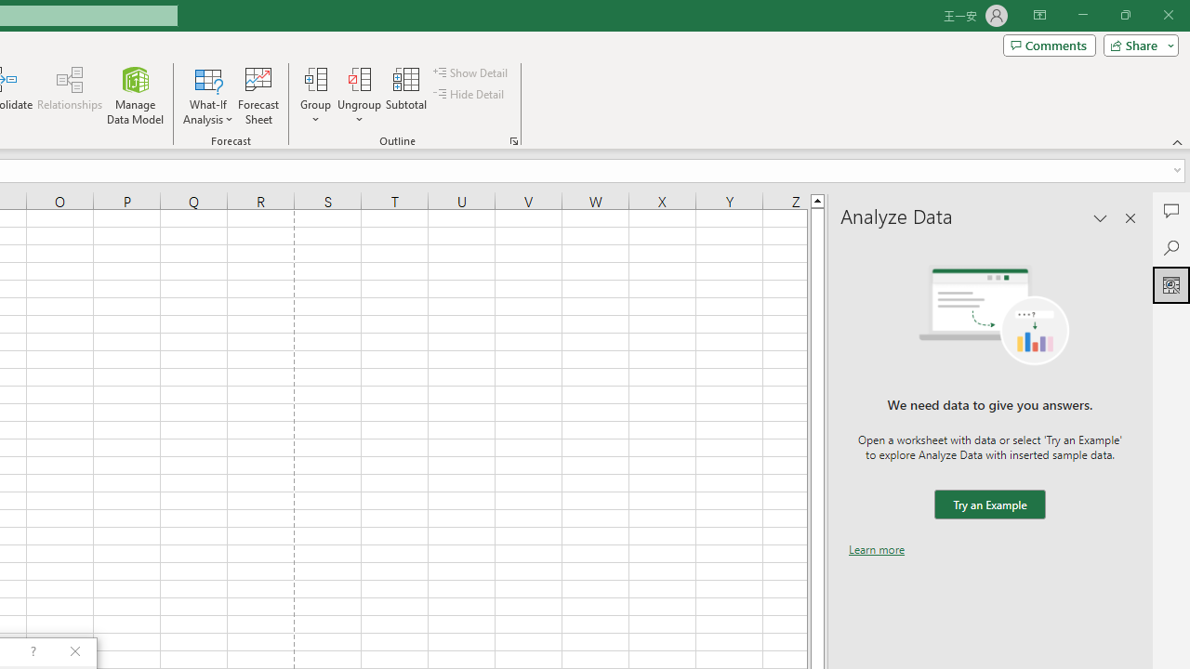 The height and width of the screenshot is (669, 1190). What do you see at coordinates (1038, 15) in the screenshot?
I see `'Ribbon Display Options'` at bounding box center [1038, 15].